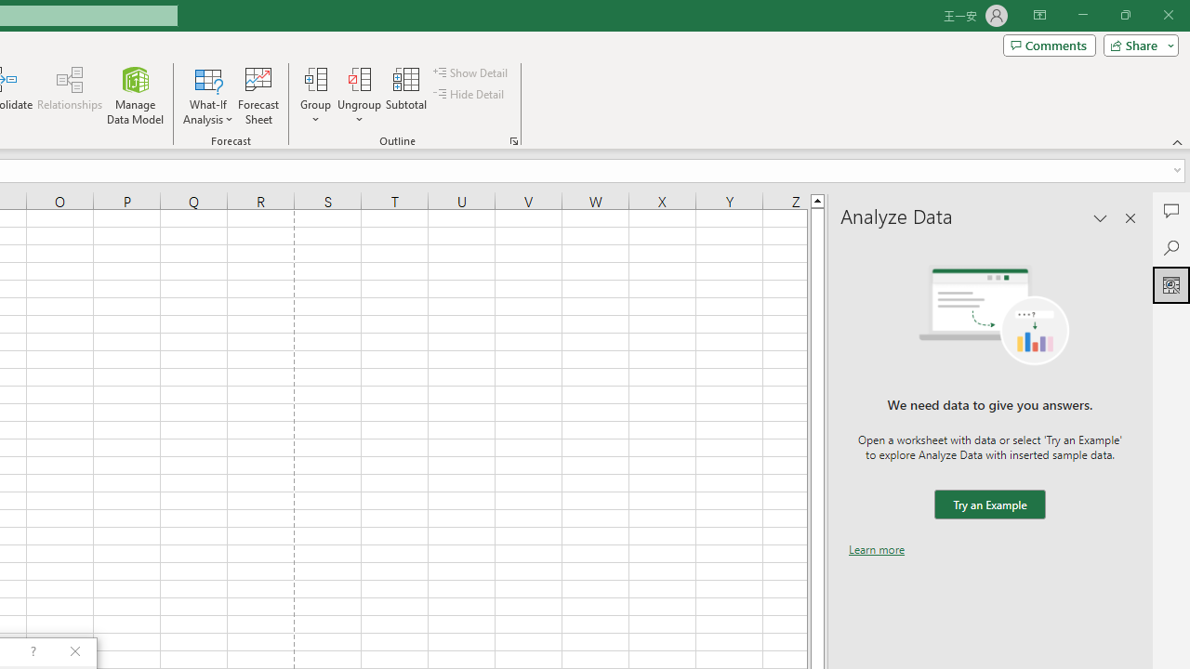 The height and width of the screenshot is (669, 1190). What do you see at coordinates (1038, 15) in the screenshot?
I see `'Ribbon Display Options'` at bounding box center [1038, 15].